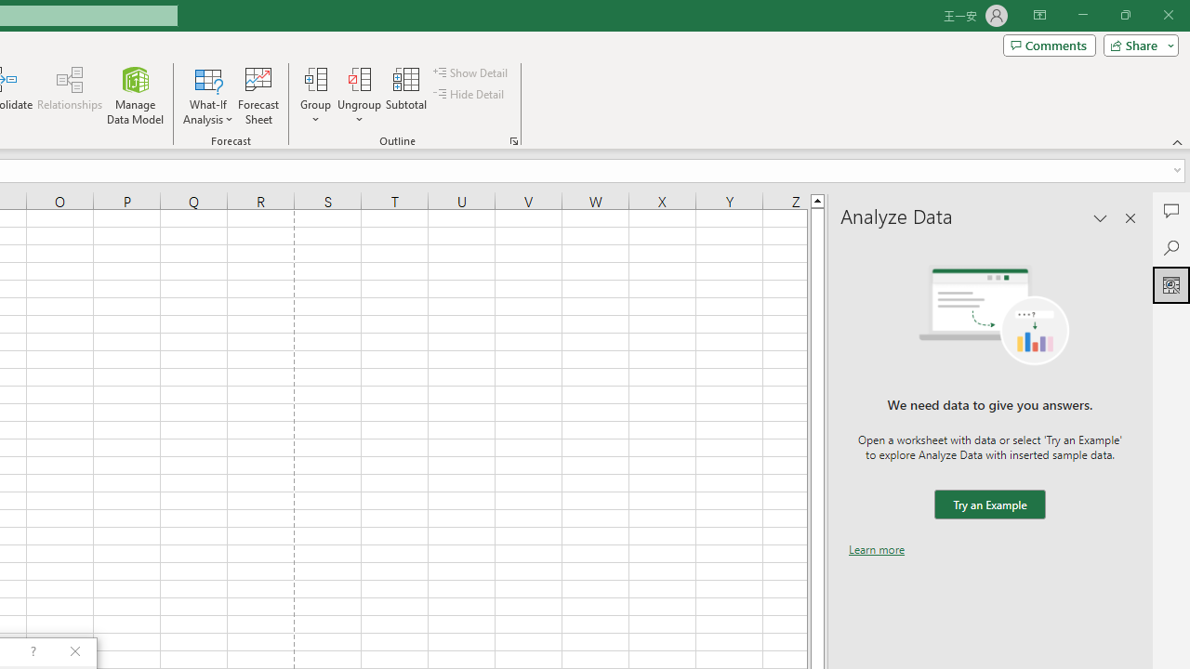 The height and width of the screenshot is (669, 1190). What do you see at coordinates (1038, 15) in the screenshot?
I see `'Ribbon Display Options'` at bounding box center [1038, 15].